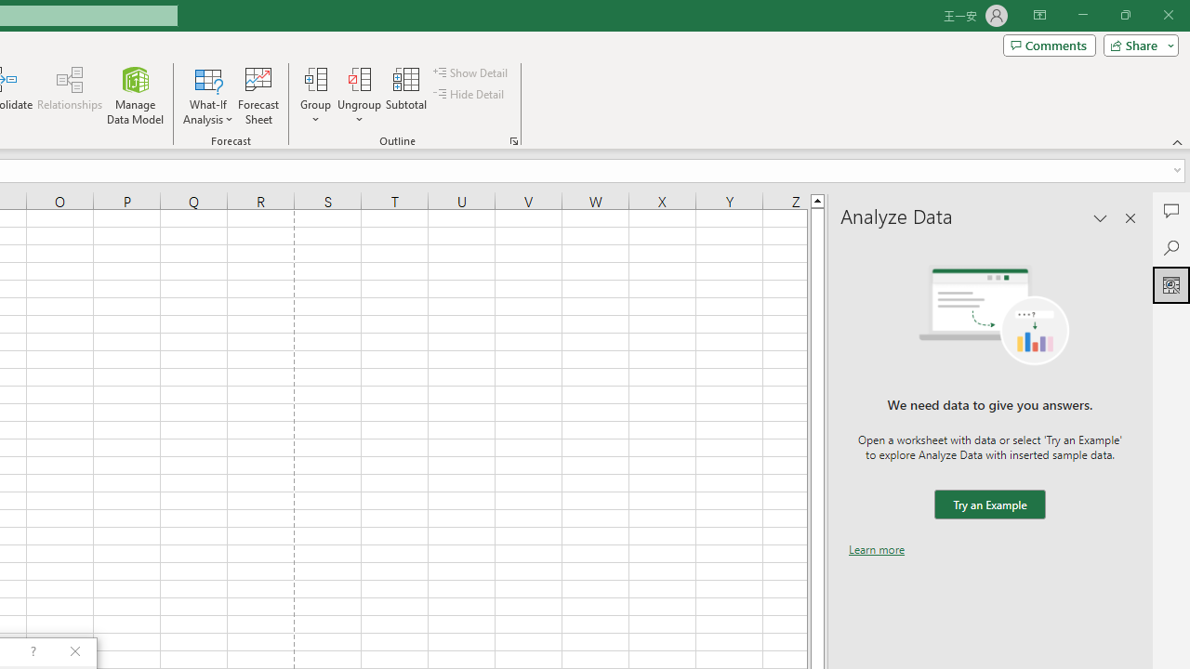 The height and width of the screenshot is (669, 1190). What do you see at coordinates (1038, 15) in the screenshot?
I see `'Ribbon Display Options'` at bounding box center [1038, 15].